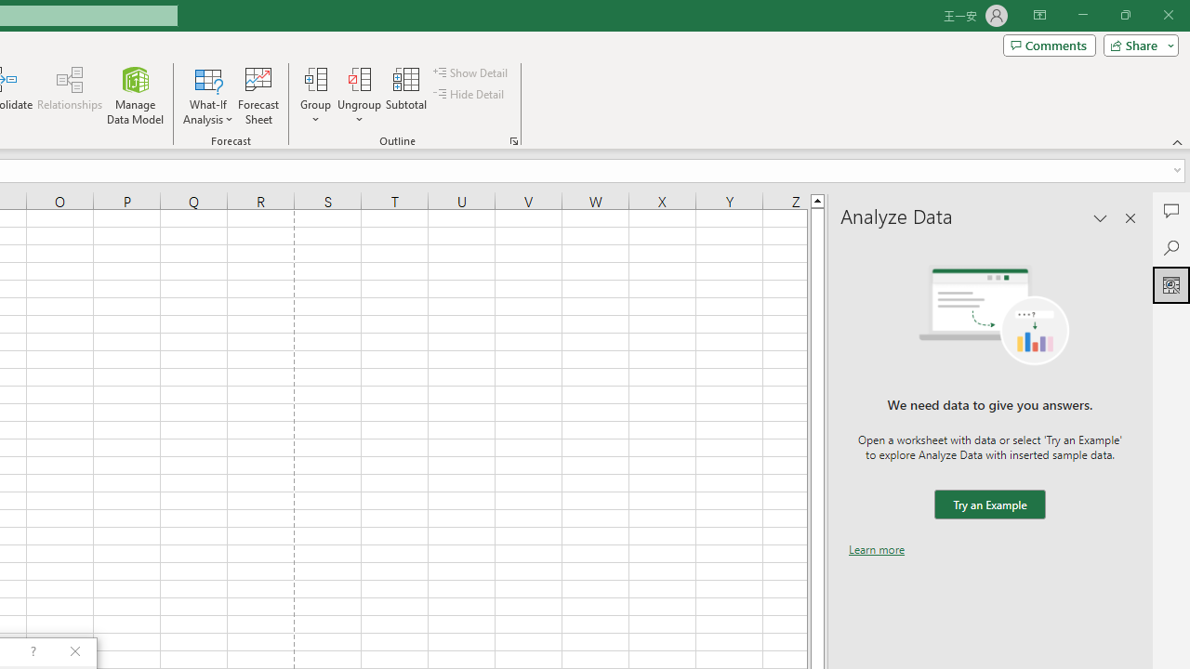 The height and width of the screenshot is (669, 1190). What do you see at coordinates (1038, 15) in the screenshot?
I see `'Ribbon Display Options'` at bounding box center [1038, 15].